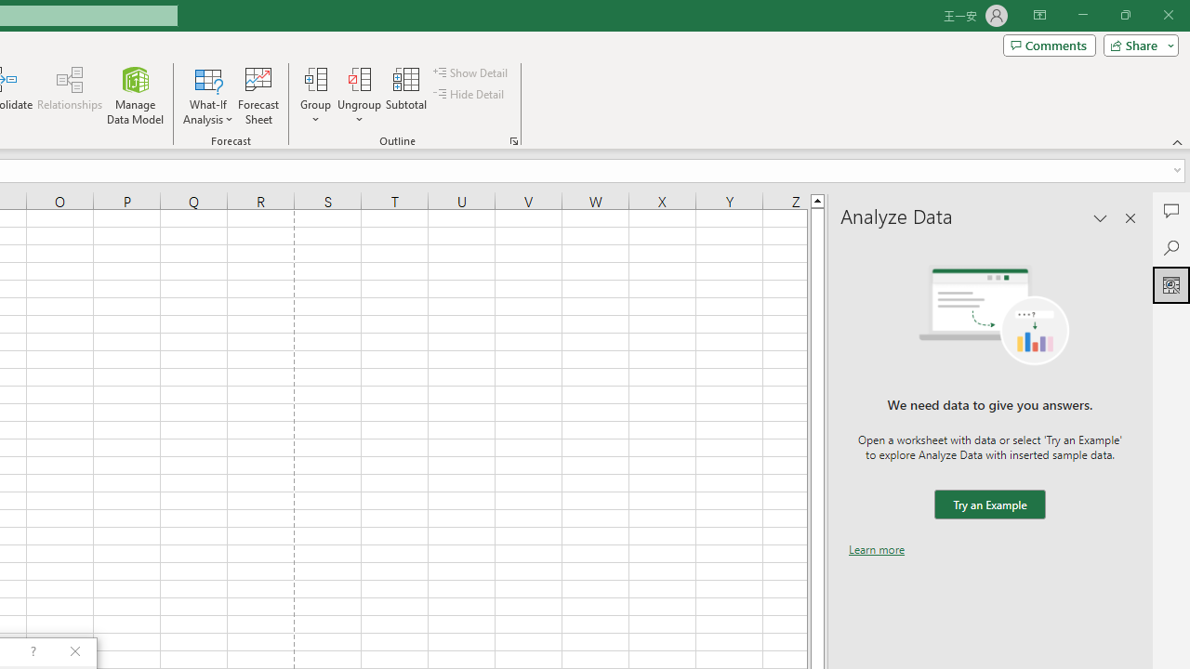 The height and width of the screenshot is (669, 1190). What do you see at coordinates (1038, 15) in the screenshot?
I see `'Ribbon Display Options'` at bounding box center [1038, 15].